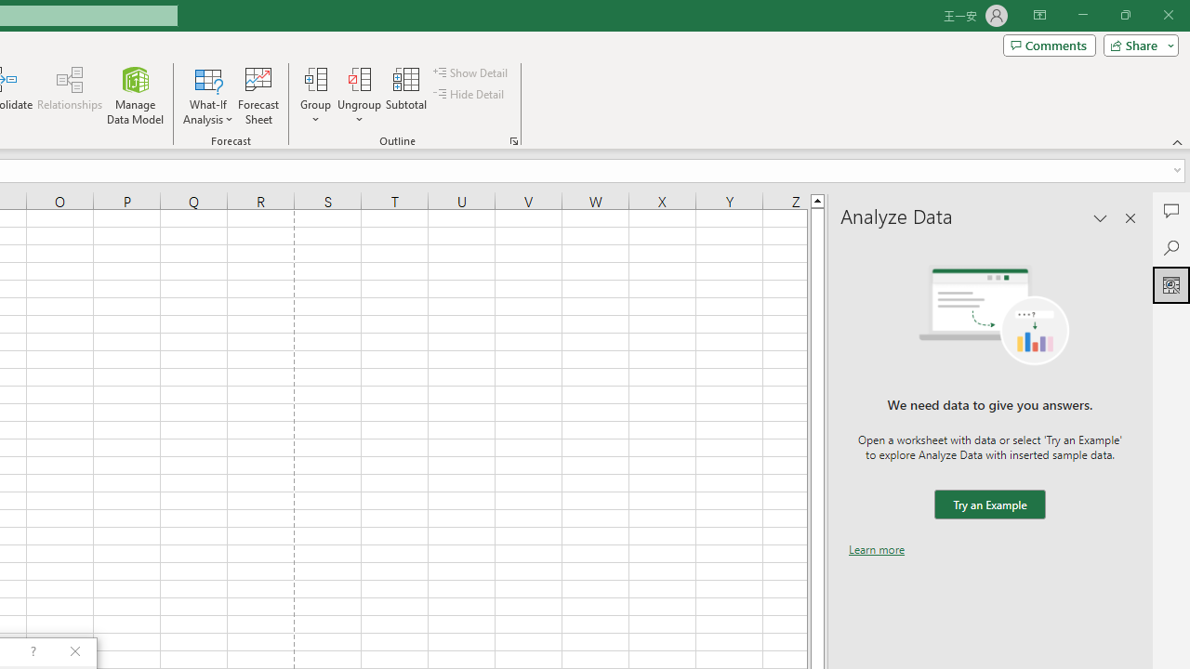 The height and width of the screenshot is (669, 1190). What do you see at coordinates (1038, 15) in the screenshot?
I see `'Ribbon Display Options'` at bounding box center [1038, 15].